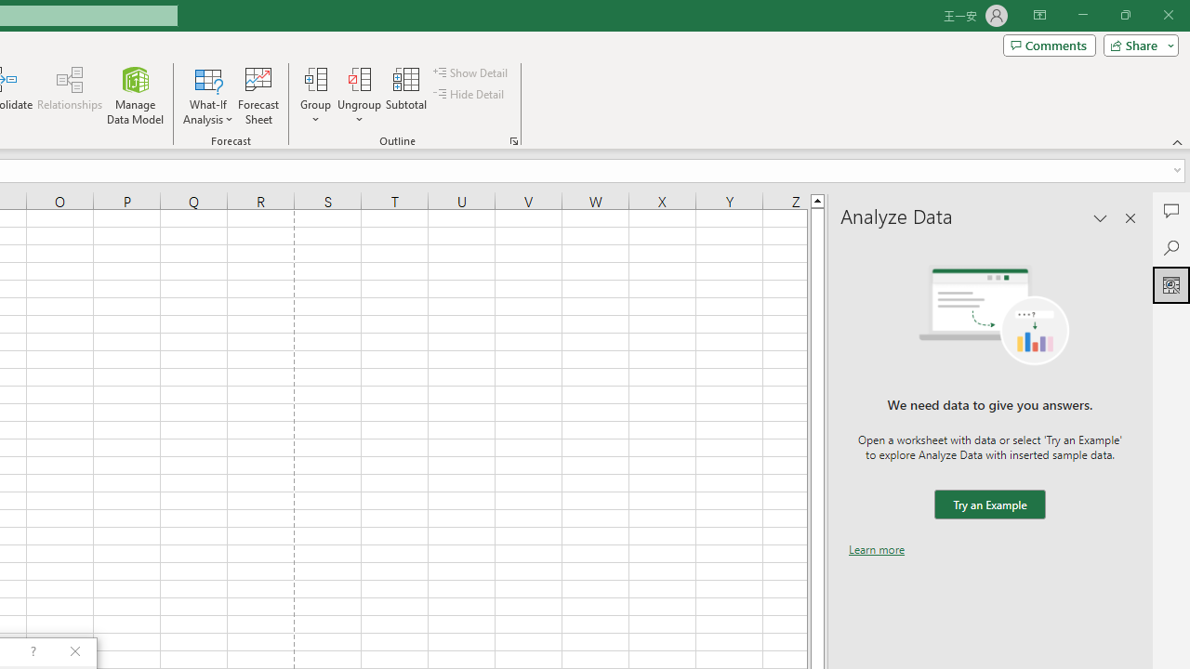 The height and width of the screenshot is (669, 1190). What do you see at coordinates (1038, 15) in the screenshot?
I see `'Ribbon Display Options'` at bounding box center [1038, 15].